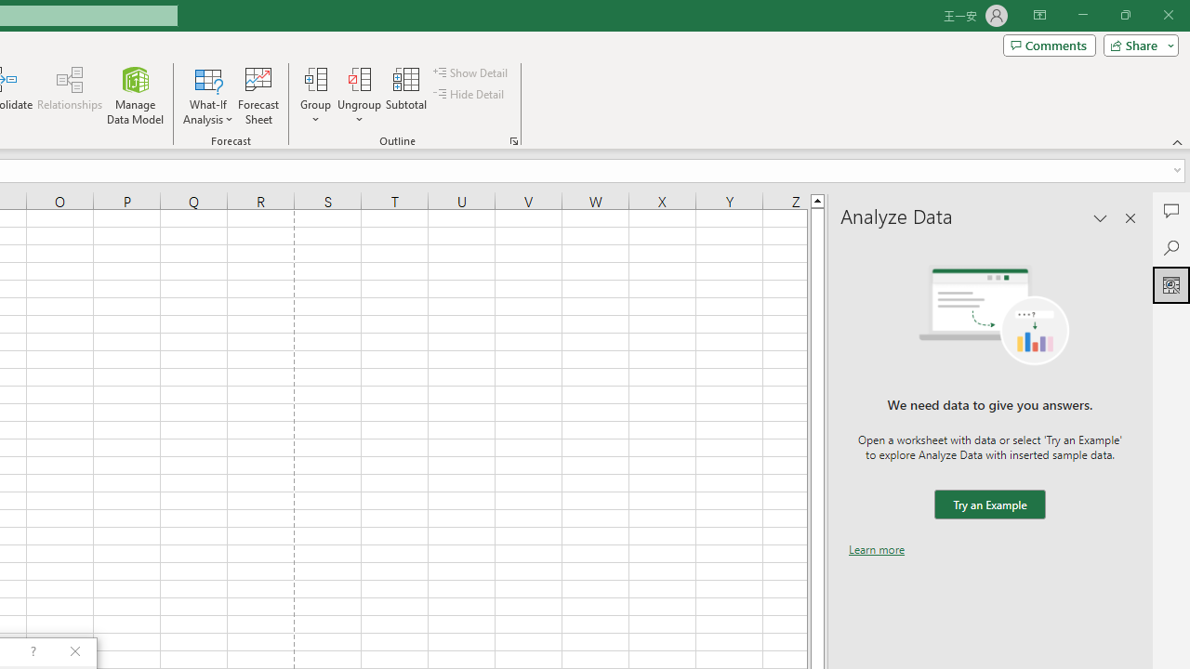 The height and width of the screenshot is (669, 1190). What do you see at coordinates (1038, 15) in the screenshot?
I see `'Ribbon Display Options'` at bounding box center [1038, 15].